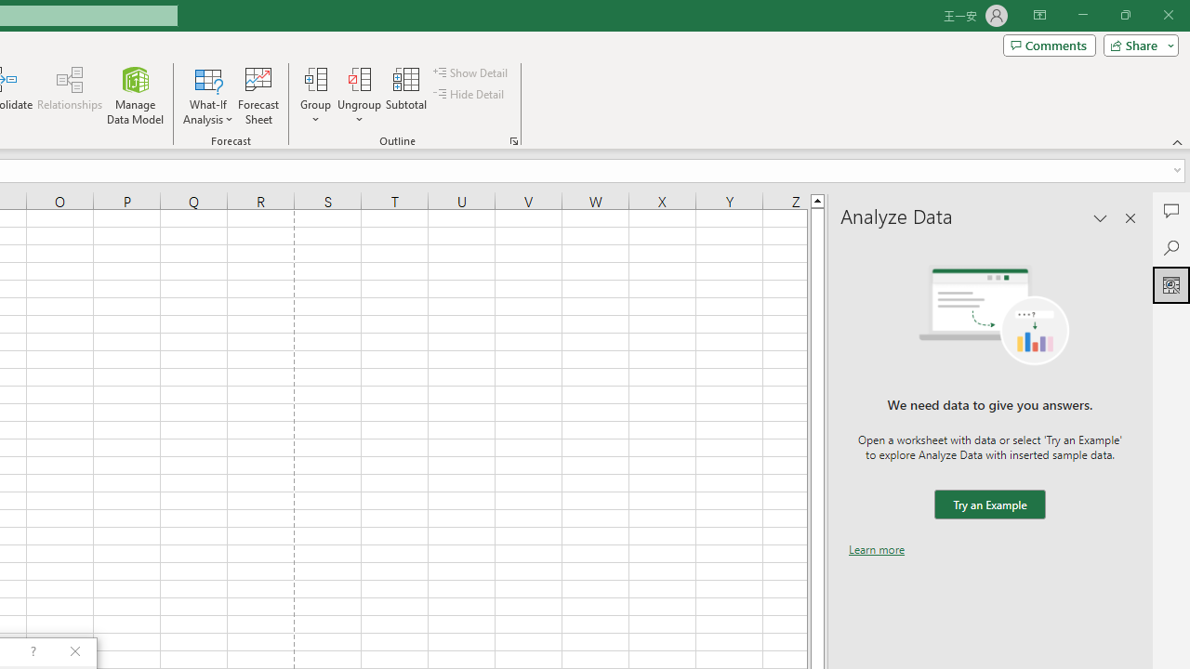 The height and width of the screenshot is (669, 1190). What do you see at coordinates (1038, 15) in the screenshot?
I see `'Ribbon Display Options'` at bounding box center [1038, 15].